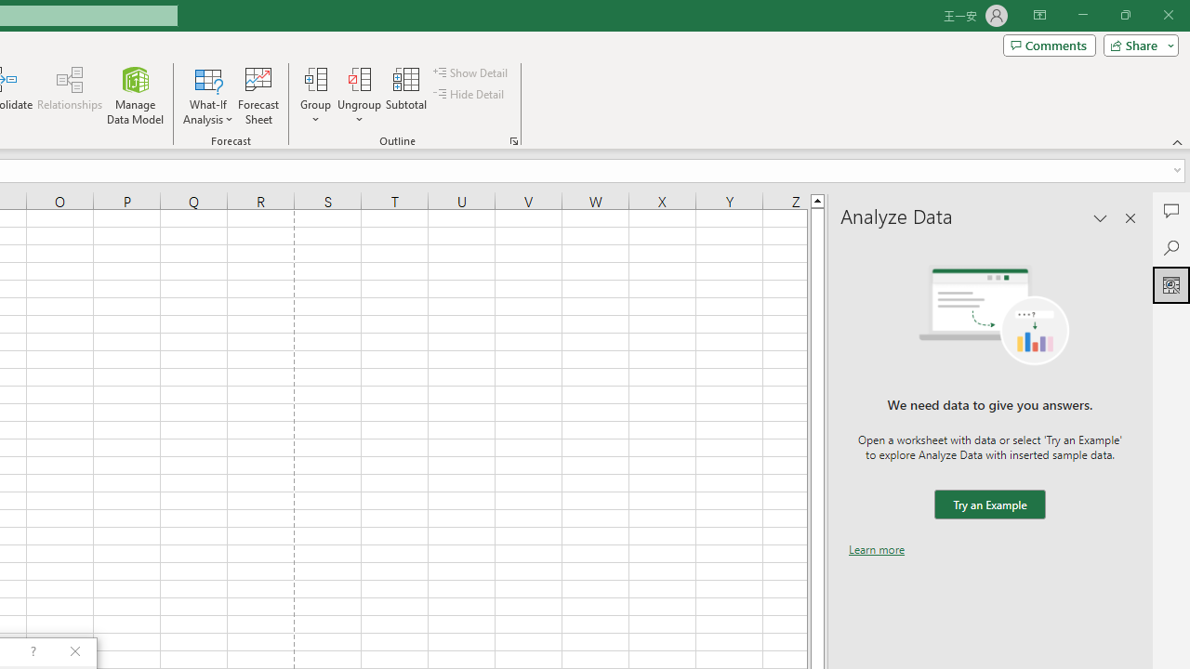 The height and width of the screenshot is (669, 1190). What do you see at coordinates (1038, 15) in the screenshot?
I see `'Ribbon Display Options'` at bounding box center [1038, 15].